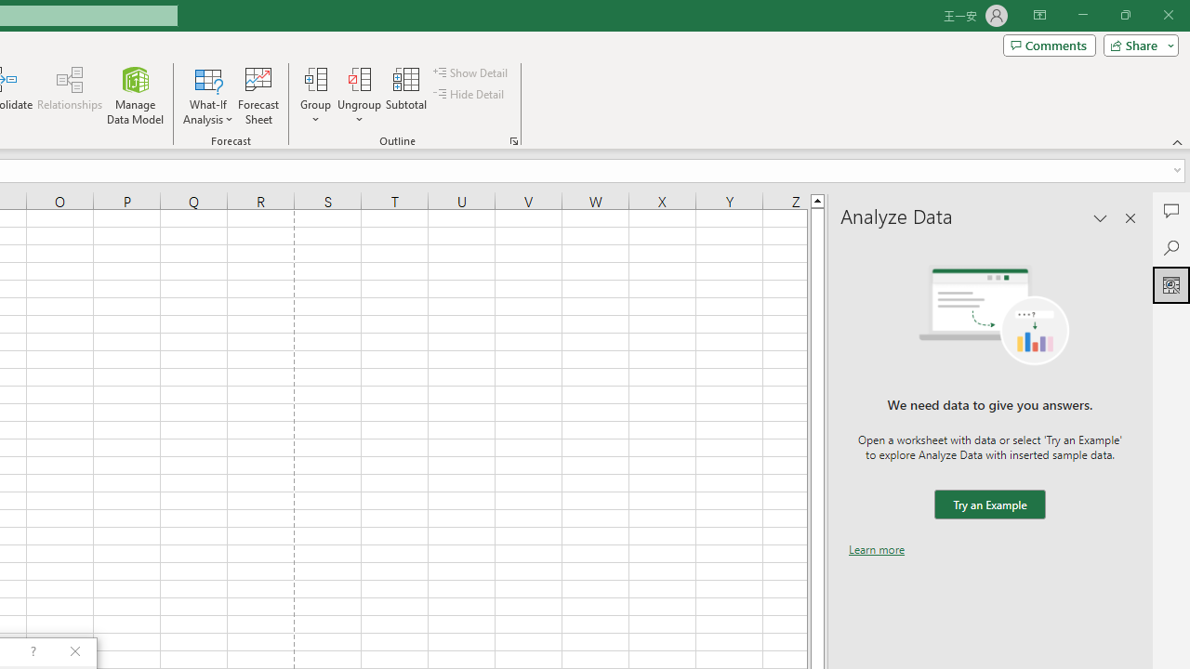 The height and width of the screenshot is (669, 1190). What do you see at coordinates (1038, 15) in the screenshot?
I see `'Ribbon Display Options'` at bounding box center [1038, 15].